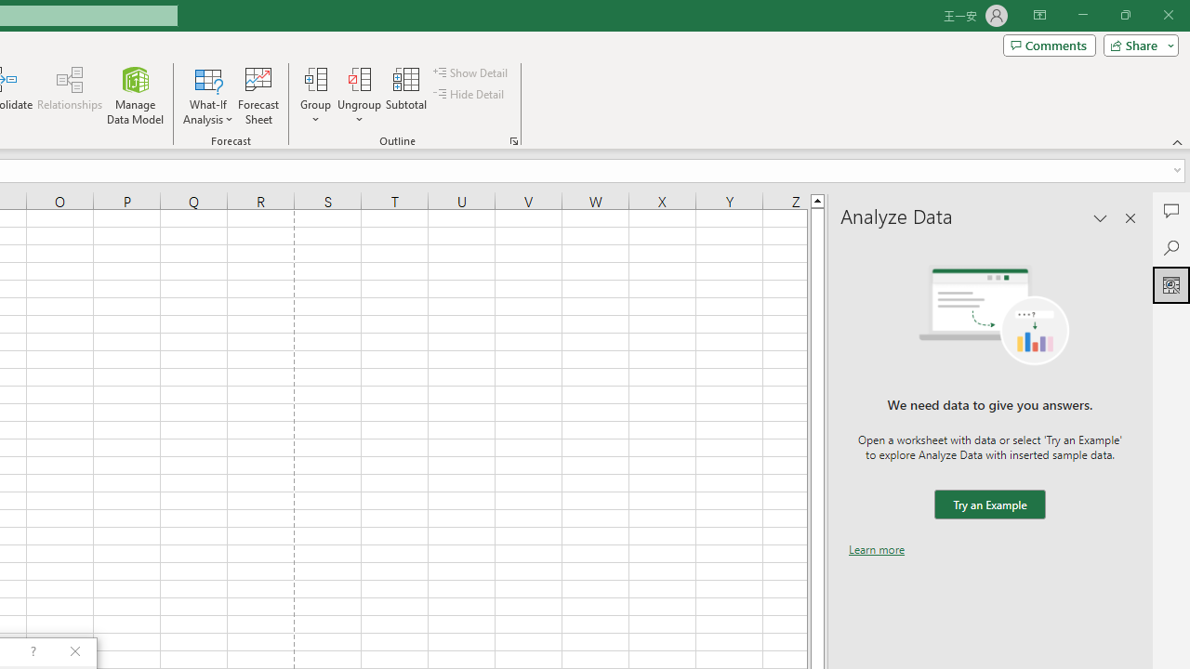 The height and width of the screenshot is (669, 1190). What do you see at coordinates (1038, 15) in the screenshot?
I see `'Ribbon Display Options'` at bounding box center [1038, 15].